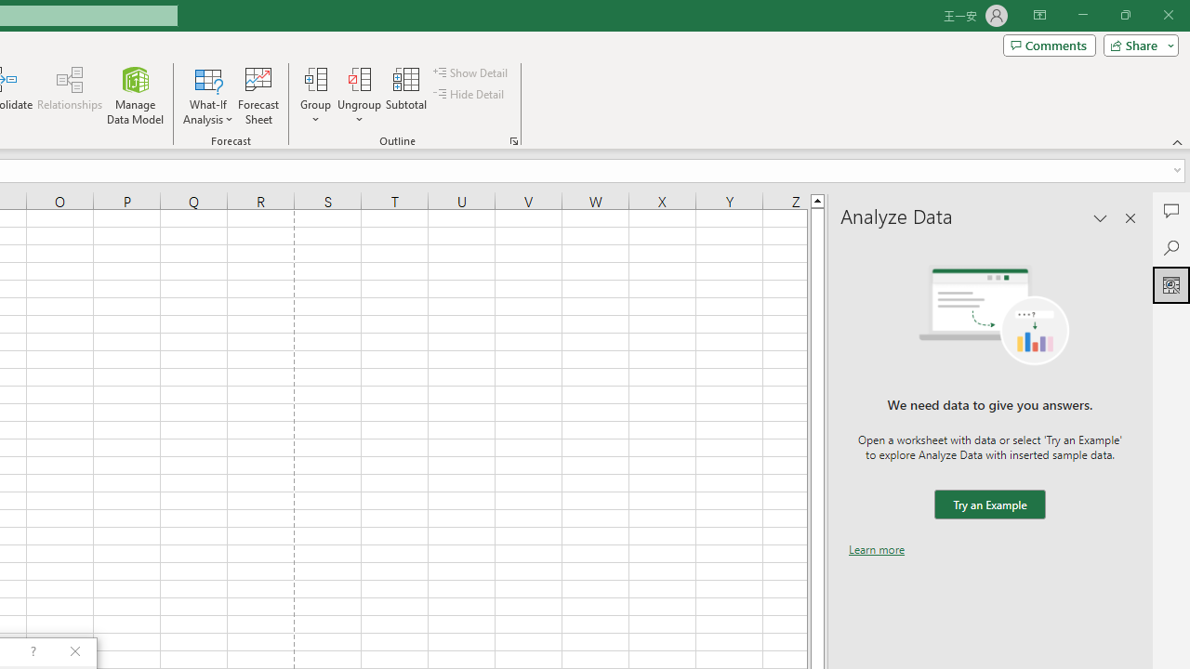 The height and width of the screenshot is (669, 1190). What do you see at coordinates (1038, 15) in the screenshot?
I see `'Ribbon Display Options'` at bounding box center [1038, 15].